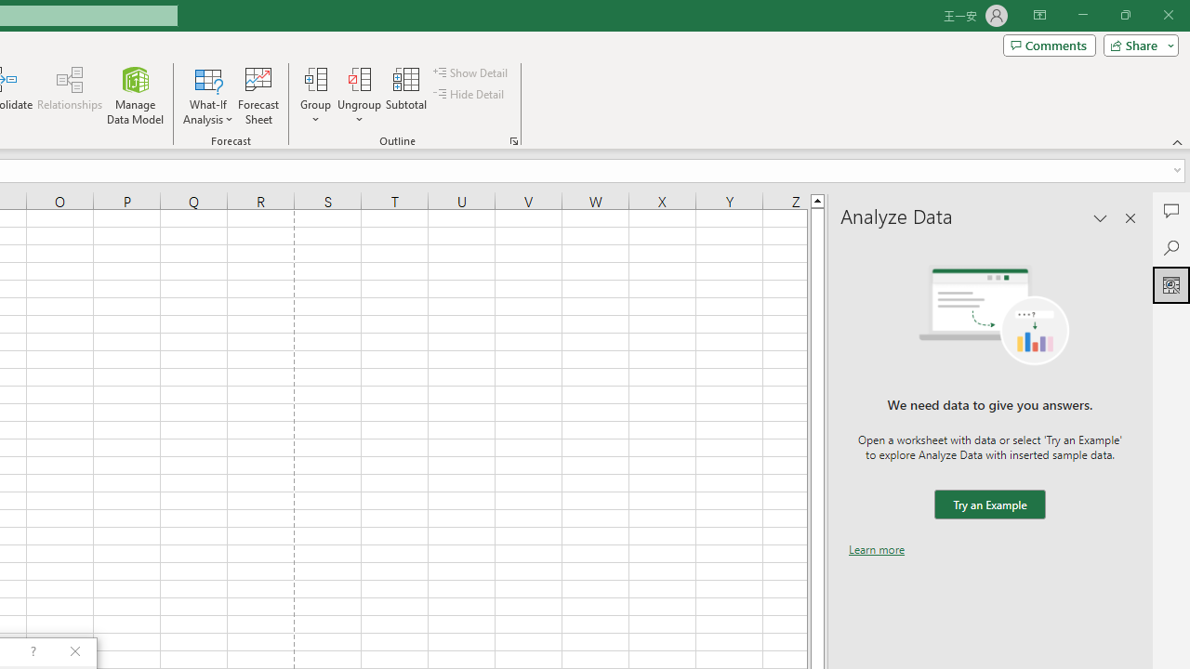 The height and width of the screenshot is (669, 1190). What do you see at coordinates (1038, 15) in the screenshot?
I see `'Ribbon Display Options'` at bounding box center [1038, 15].